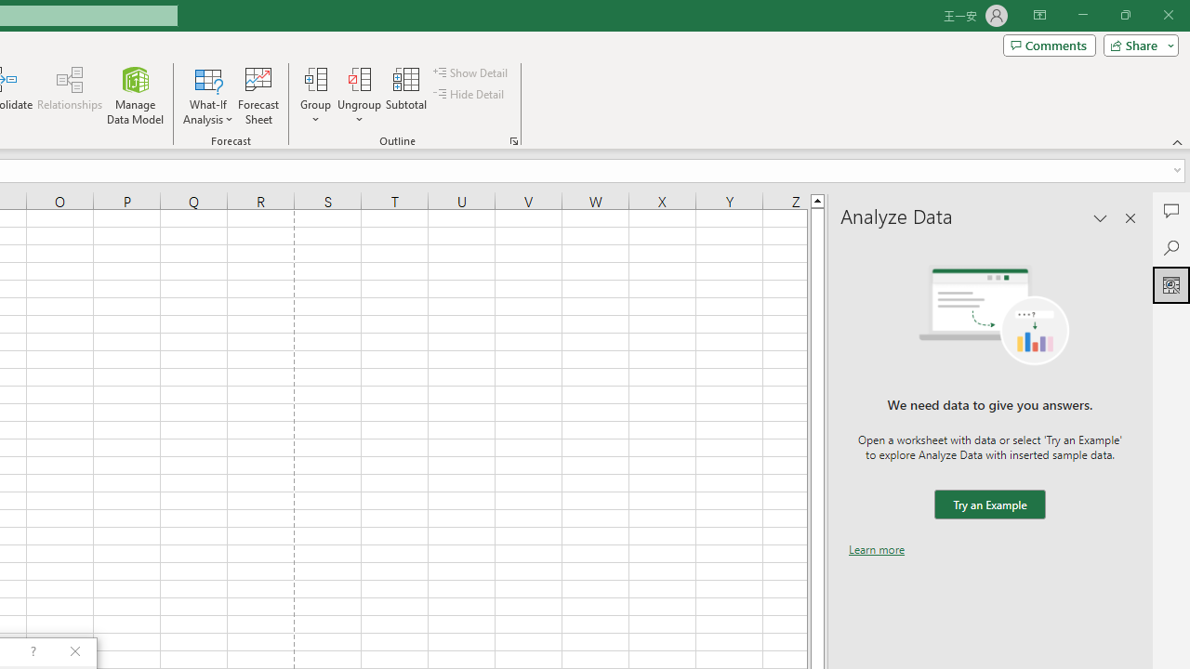 The height and width of the screenshot is (669, 1190). What do you see at coordinates (1038, 15) in the screenshot?
I see `'Ribbon Display Options'` at bounding box center [1038, 15].